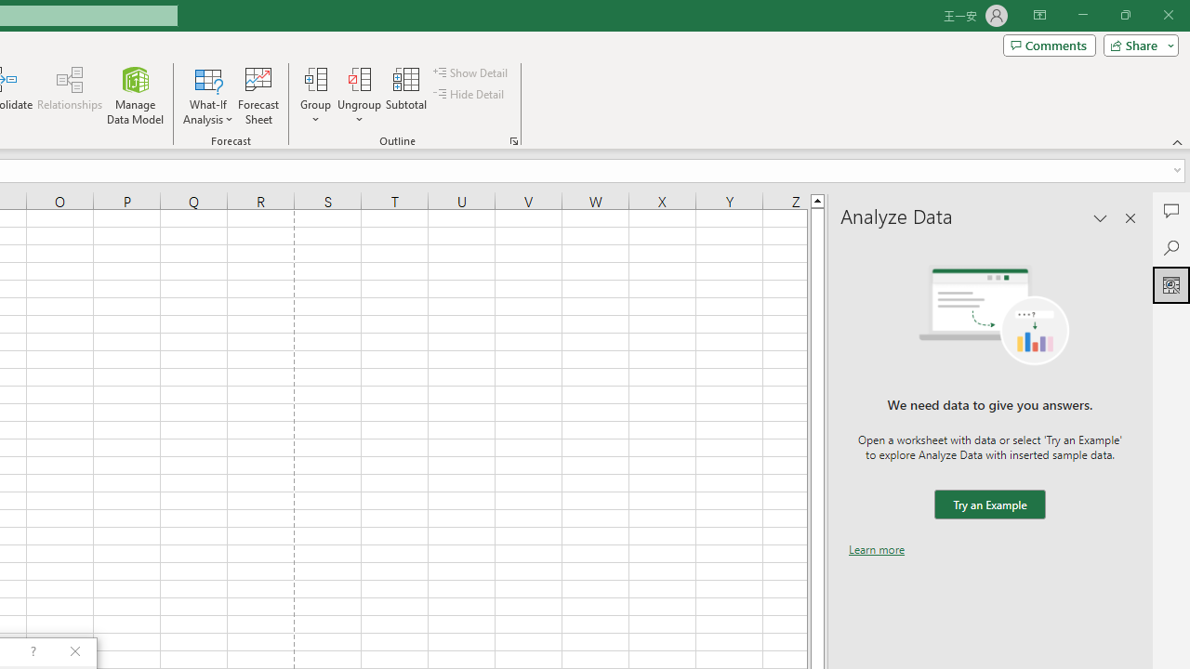 The height and width of the screenshot is (669, 1190). What do you see at coordinates (1038, 15) in the screenshot?
I see `'Ribbon Display Options'` at bounding box center [1038, 15].